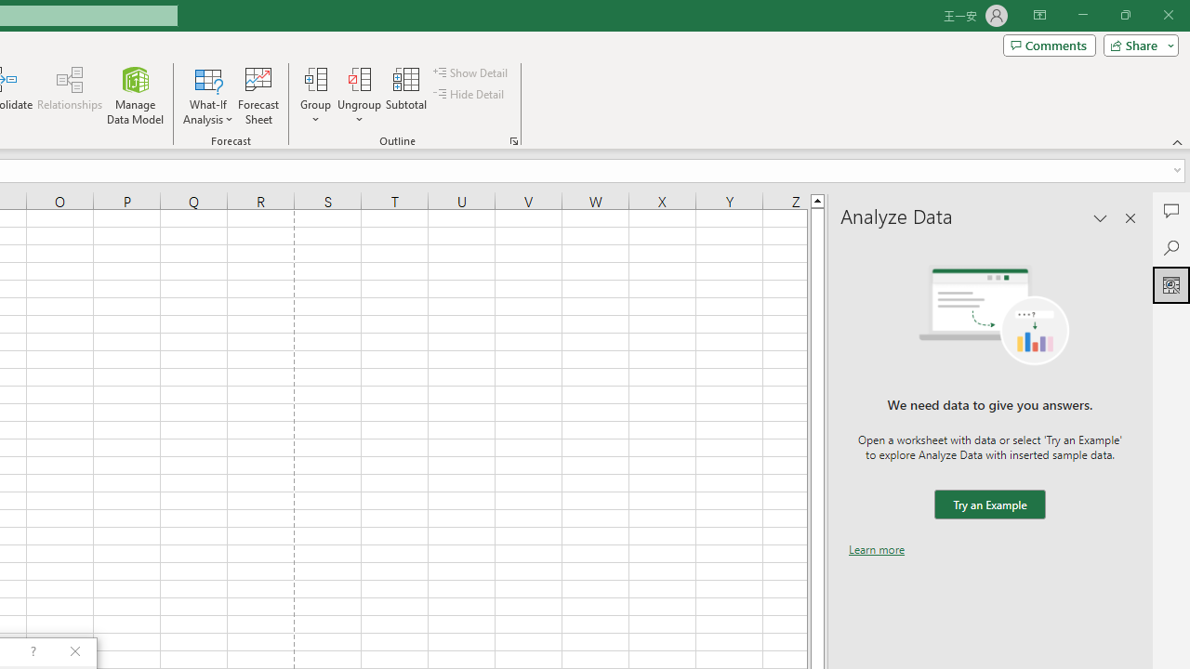 The height and width of the screenshot is (669, 1190). What do you see at coordinates (1038, 15) in the screenshot?
I see `'Ribbon Display Options'` at bounding box center [1038, 15].